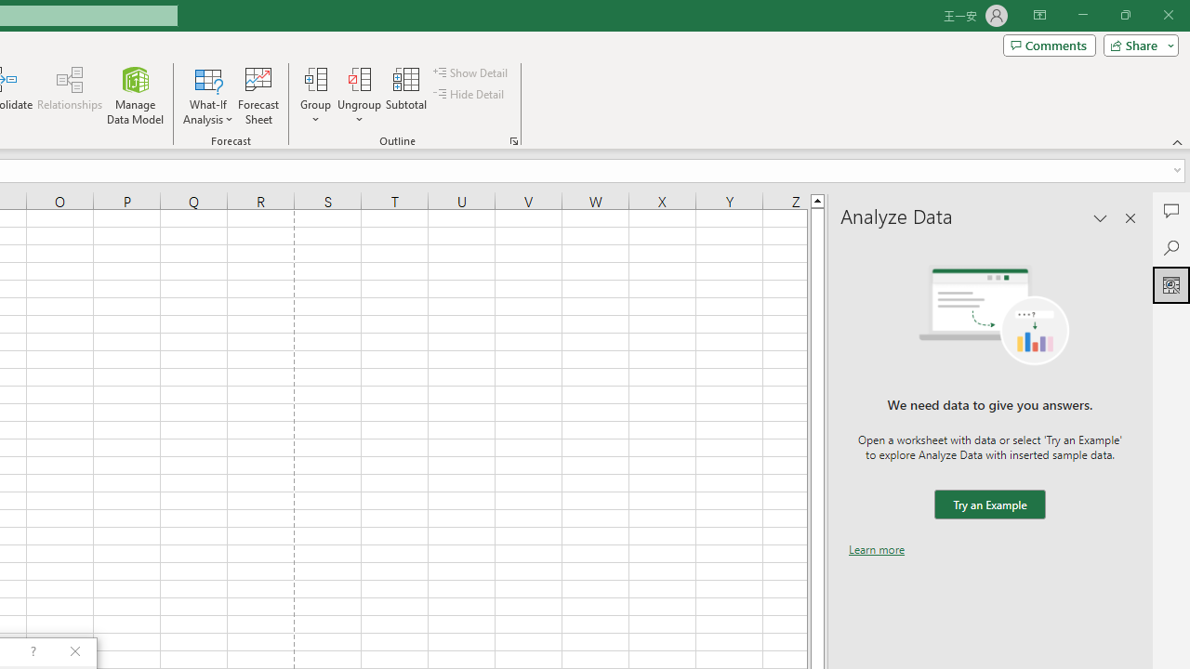 The height and width of the screenshot is (669, 1190). What do you see at coordinates (1038, 15) in the screenshot?
I see `'Ribbon Display Options'` at bounding box center [1038, 15].